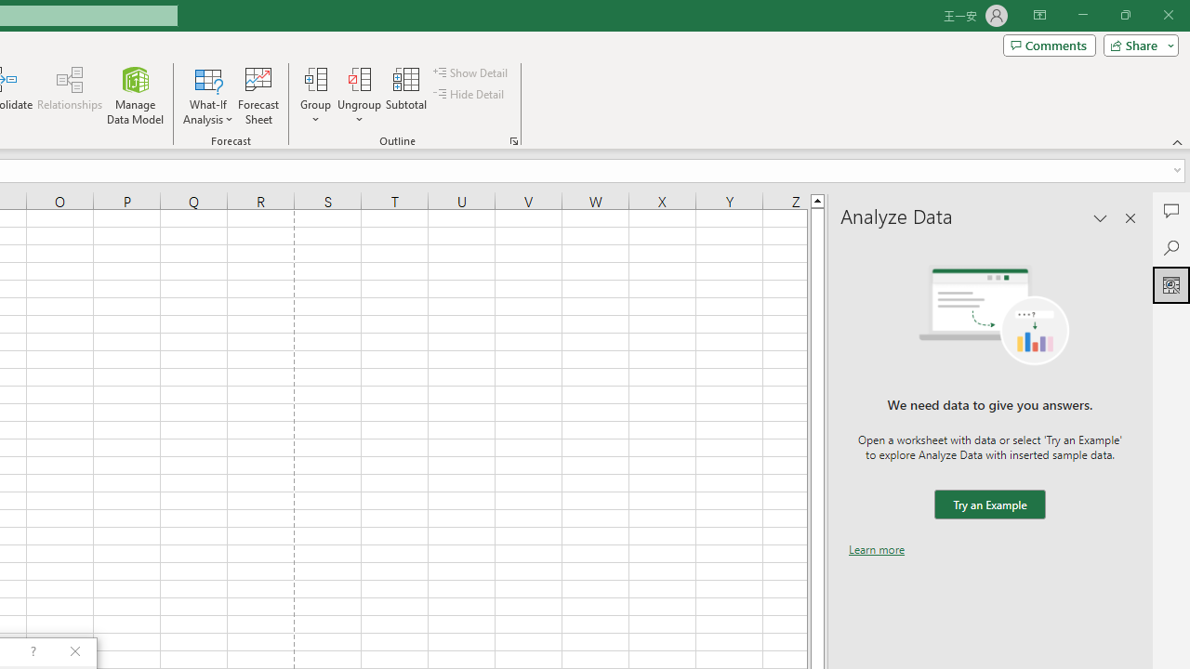 The height and width of the screenshot is (669, 1190). What do you see at coordinates (1038, 15) in the screenshot?
I see `'Ribbon Display Options'` at bounding box center [1038, 15].